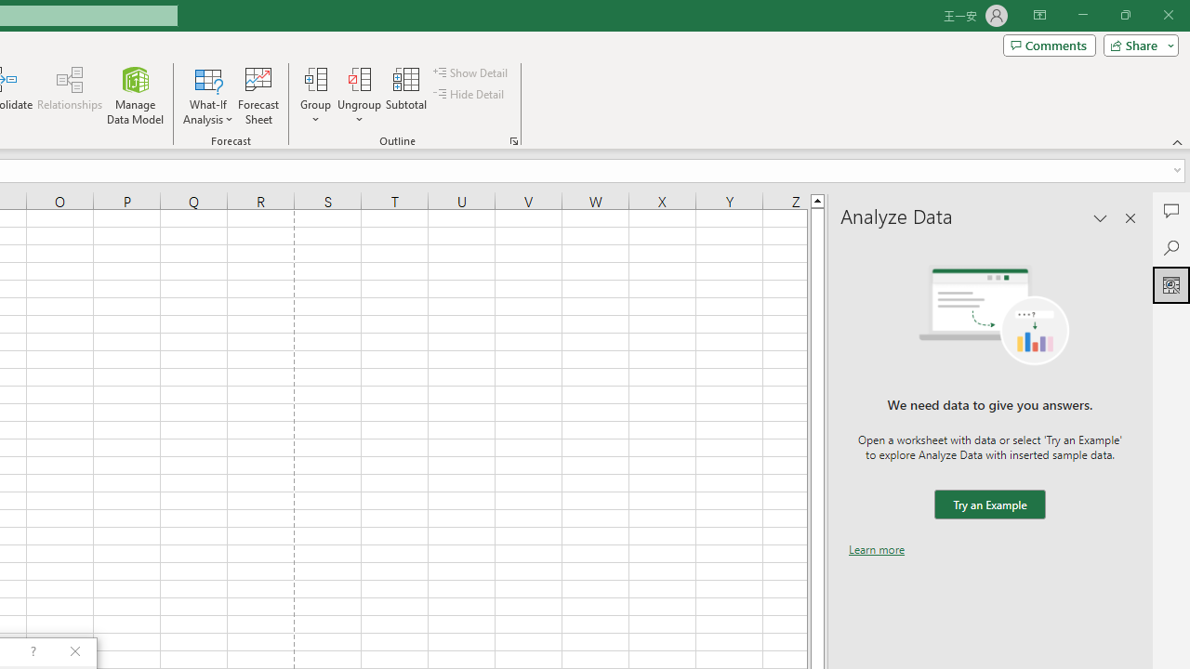 The height and width of the screenshot is (669, 1190). What do you see at coordinates (1038, 15) in the screenshot?
I see `'Ribbon Display Options'` at bounding box center [1038, 15].